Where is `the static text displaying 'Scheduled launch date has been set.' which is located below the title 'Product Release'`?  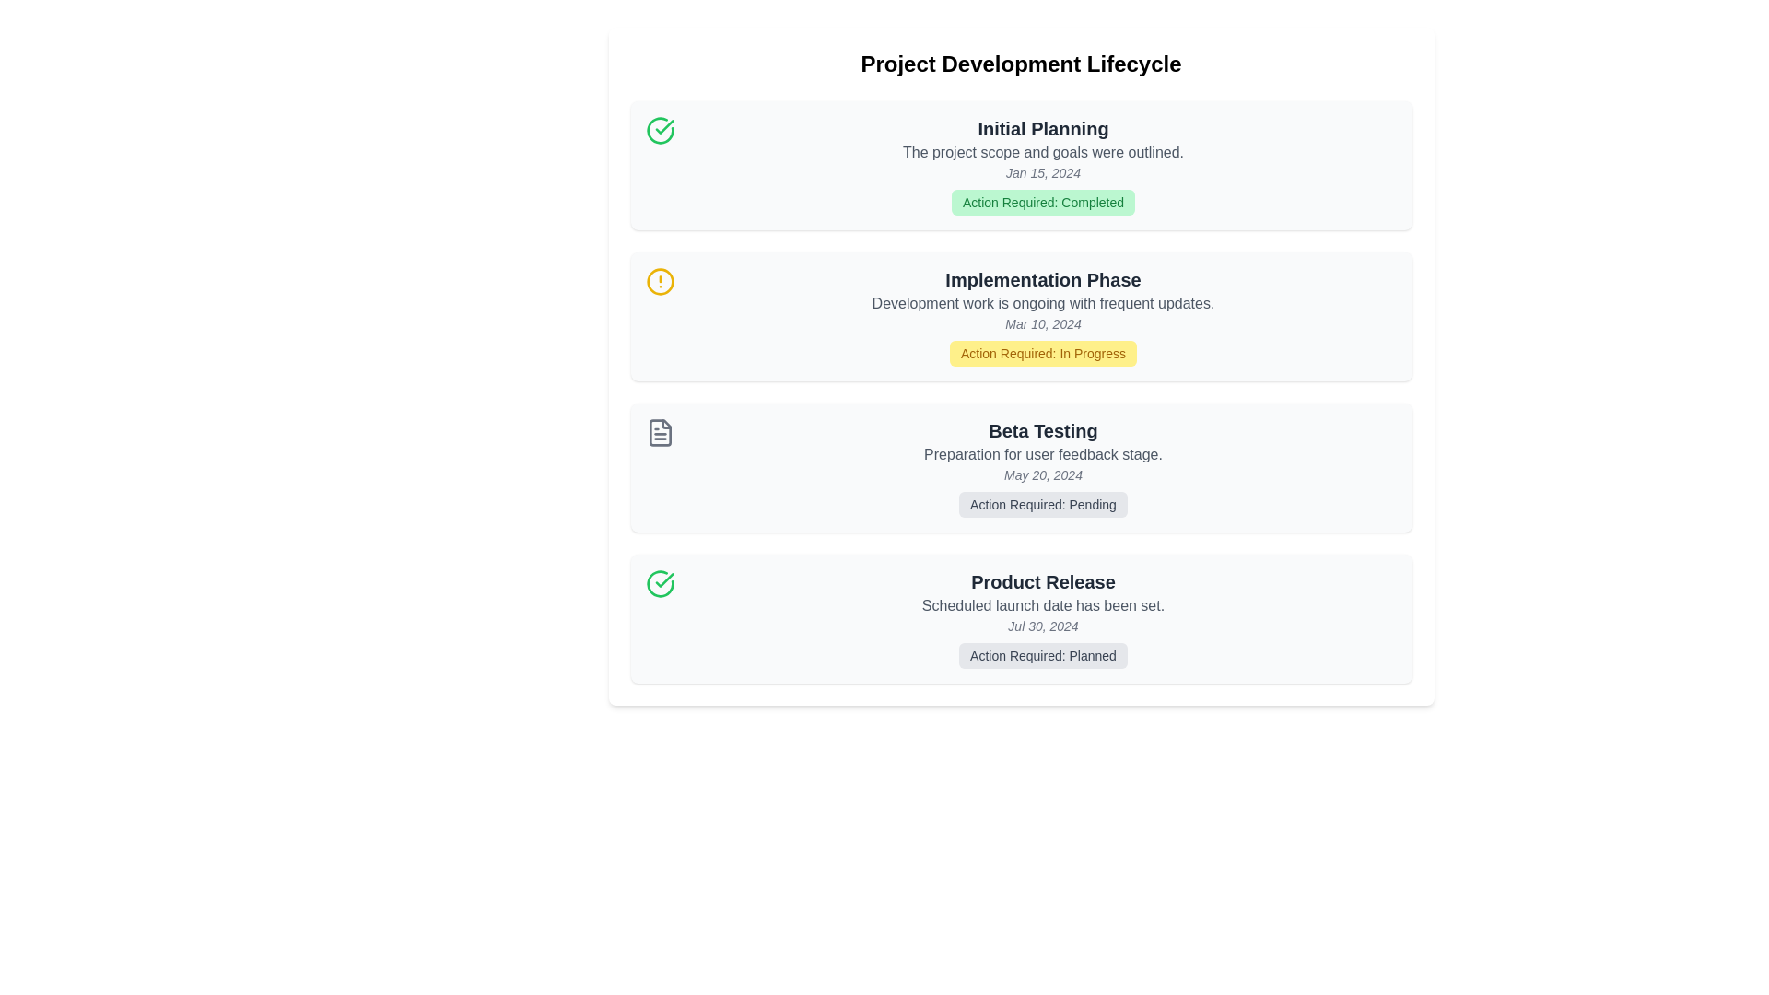
the static text displaying 'Scheduled launch date has been set.' which is located below the title 'Product Release' is located at coordinates (1043, 606).